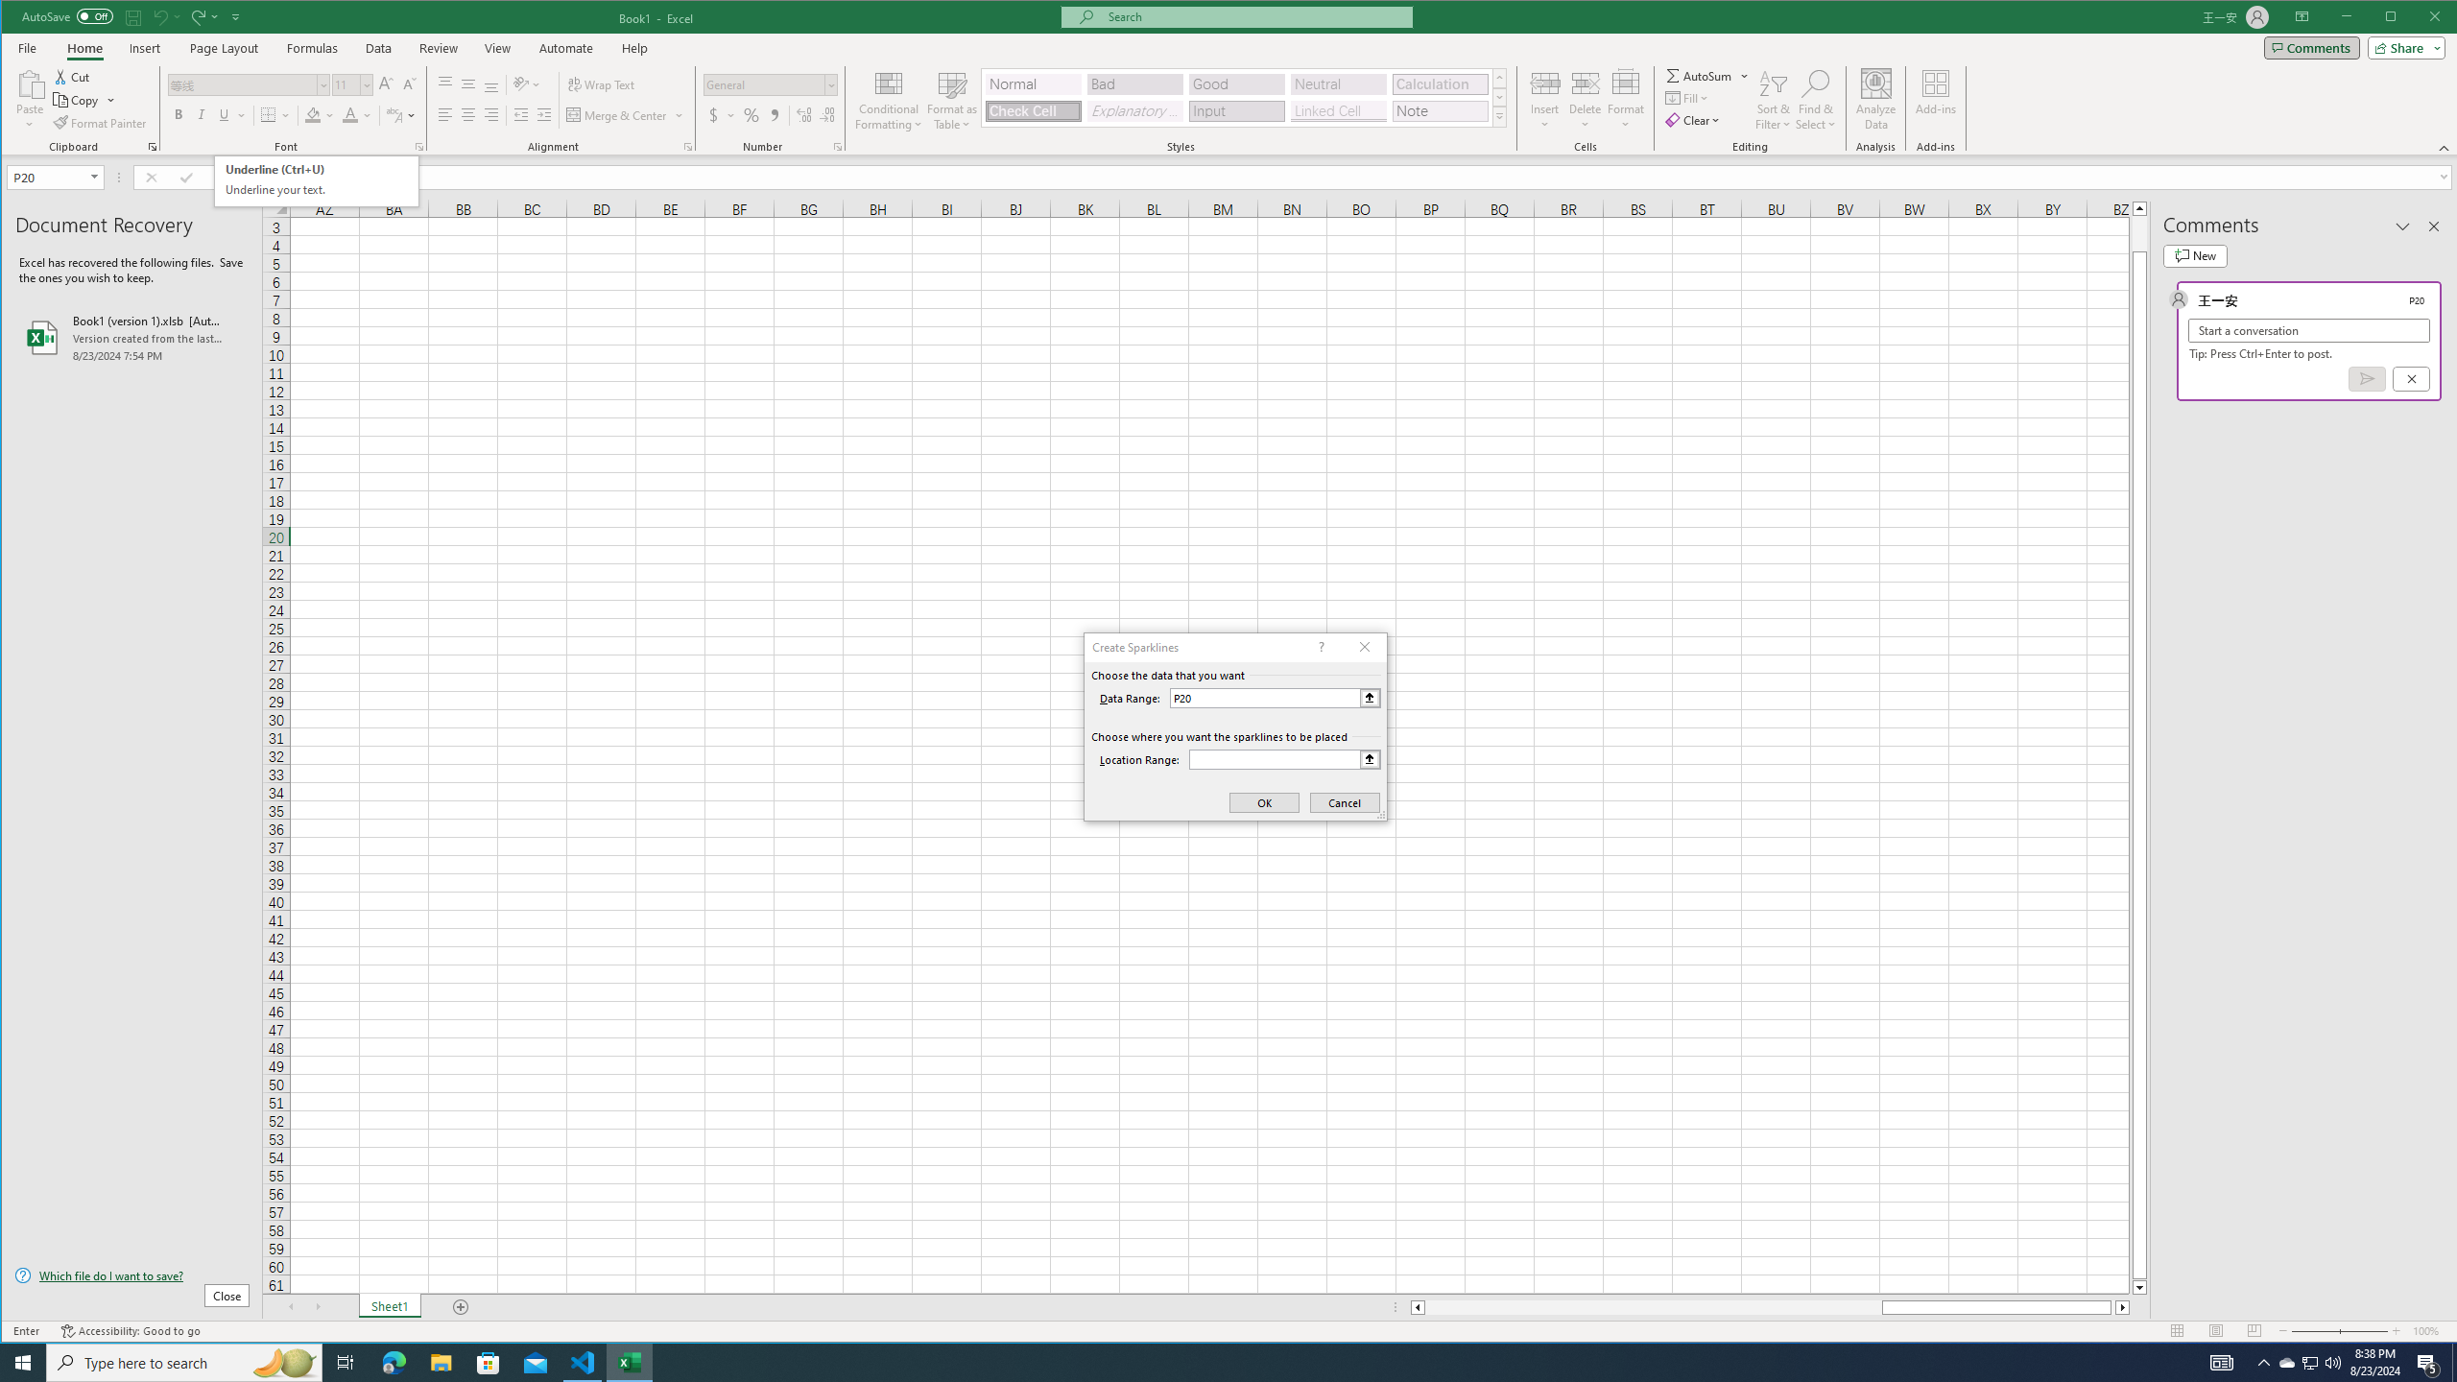  Describe the element at coordinates (803, 114) in the screenshot. I see `'Increase Decimal'` at that location.